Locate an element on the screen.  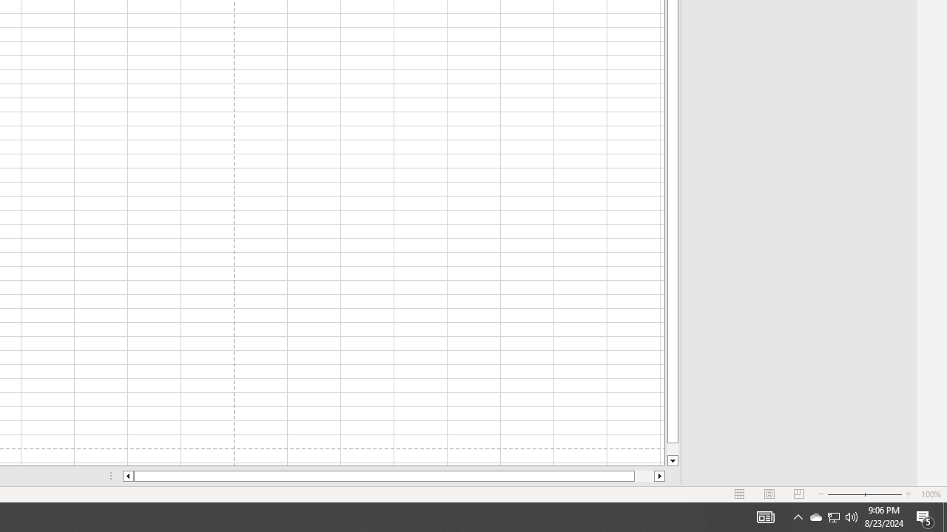
'Class: NetUIScrollBar' is located at coordinates (394, 476).